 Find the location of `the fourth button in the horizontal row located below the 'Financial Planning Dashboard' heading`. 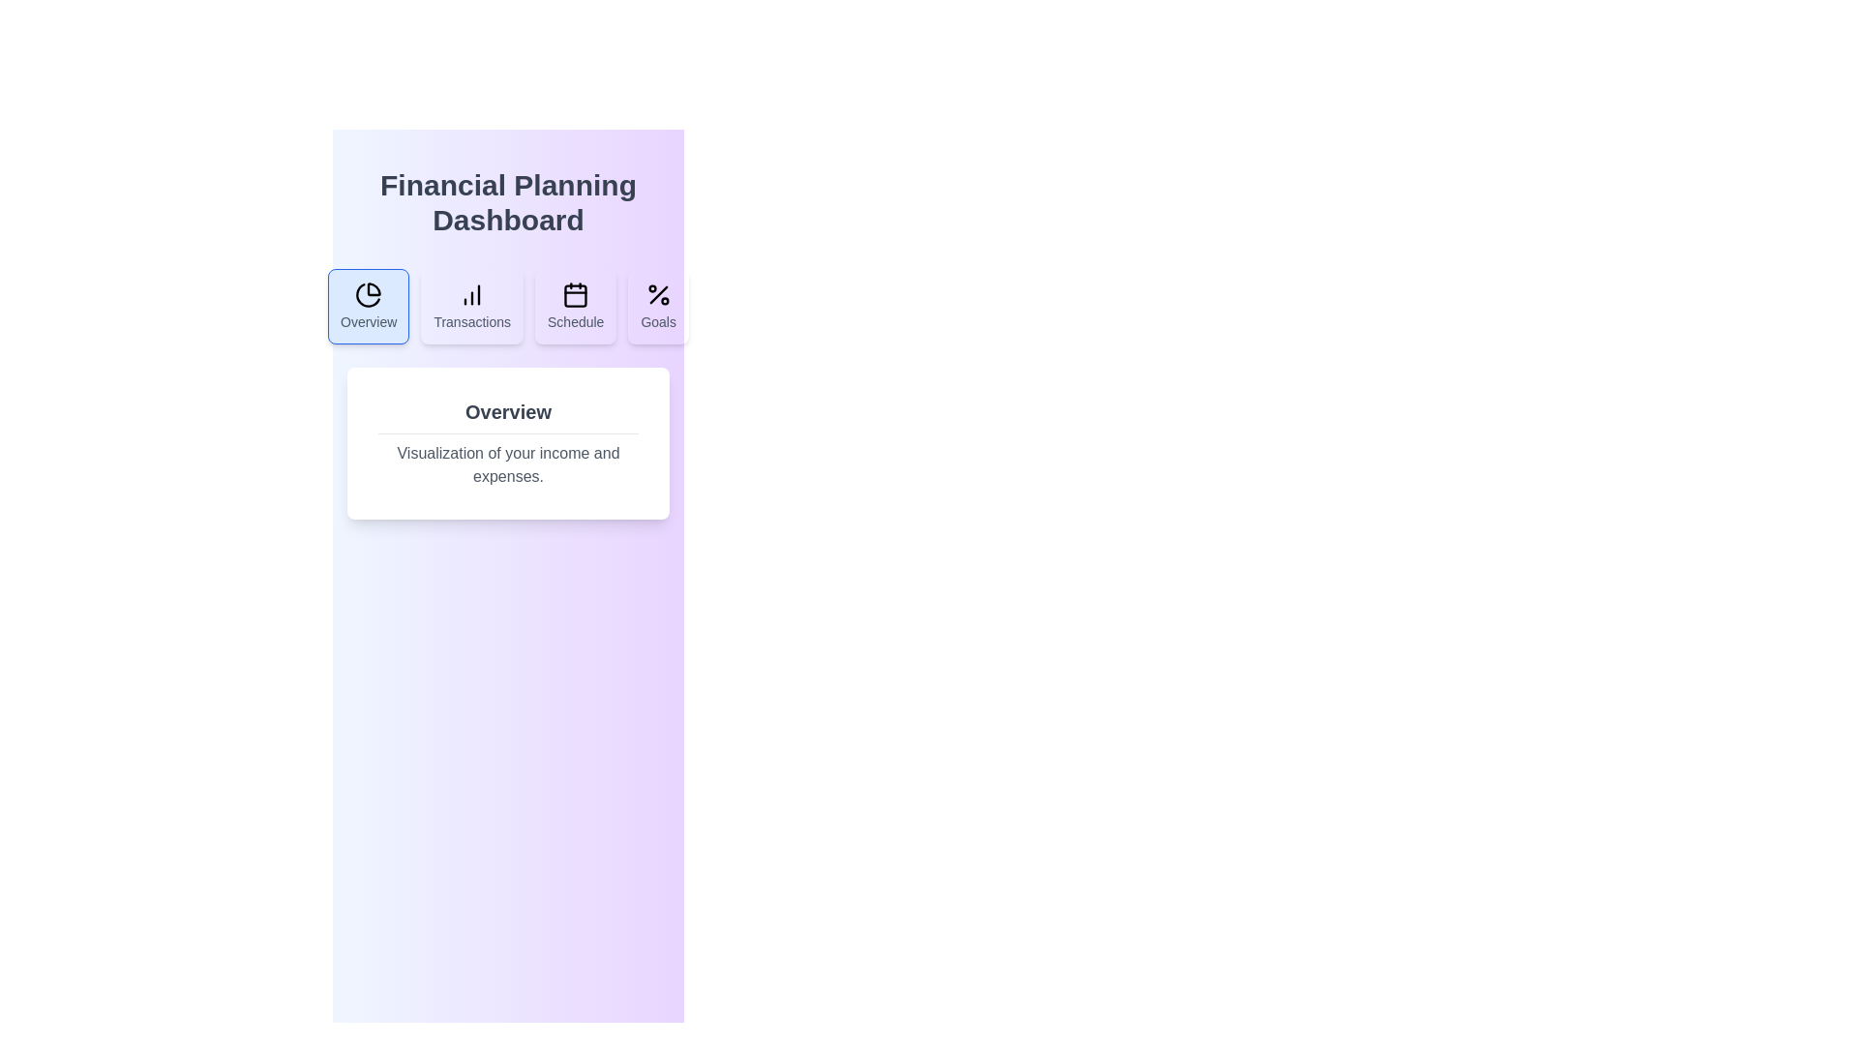

the fourth button in the horizontal row located below the 'Financial Planning Dashboard' heading is located at coordinates (658, 305).